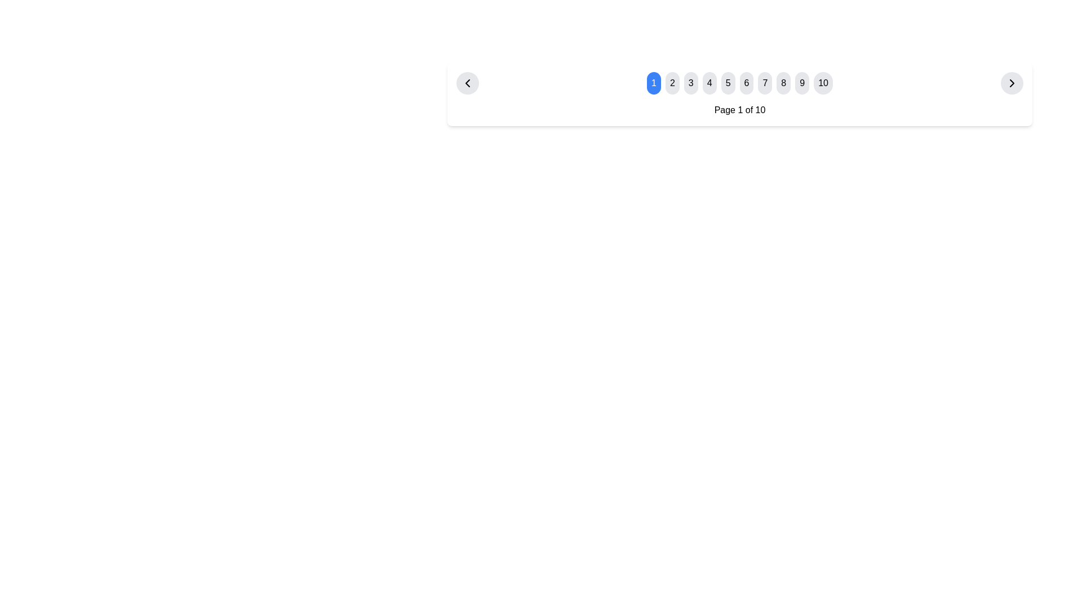 The height and width of the screenshot is (608, 1082). I want to click on the SVG-based navigation button, which is a Chevron arrow symbol located at the far right of the pagination navigation bar, so click(1012, 82).